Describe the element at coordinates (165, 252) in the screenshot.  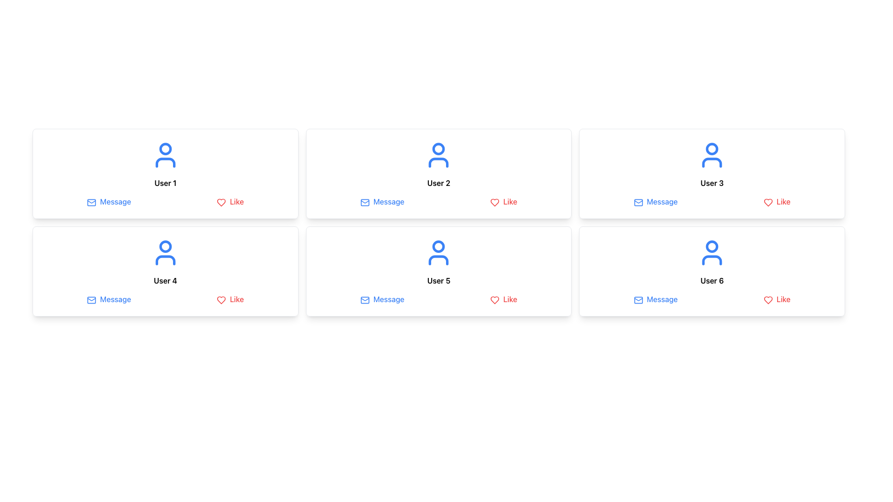
I see `the user avatar icon, which is a circular blue icon positioned centrally above the 'User 4' label` at that location.